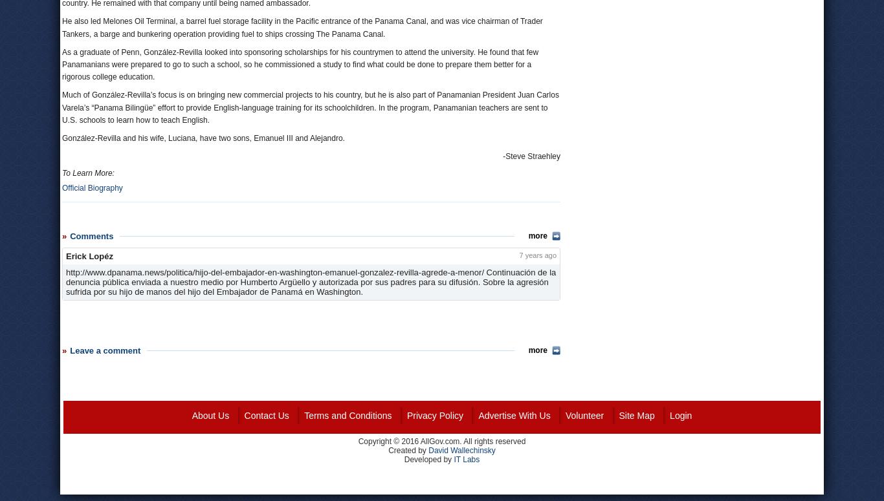 The width and height of the screenshot is (884, 501). I want to click on 'David Wallechinsky', so click(461, 451).